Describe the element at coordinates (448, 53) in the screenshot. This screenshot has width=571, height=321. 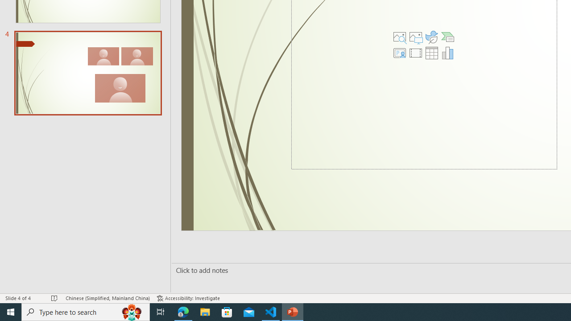
I see `'Insert Chart'` at that location.